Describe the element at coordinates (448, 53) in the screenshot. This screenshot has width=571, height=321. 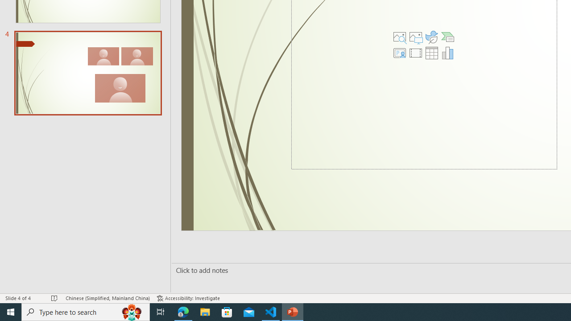
I see `'Insert Chart'` at that location.